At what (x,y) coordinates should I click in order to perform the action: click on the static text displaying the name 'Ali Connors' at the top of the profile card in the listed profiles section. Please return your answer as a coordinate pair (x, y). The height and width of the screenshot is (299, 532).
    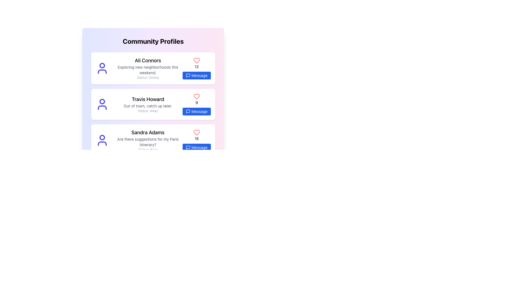
    Looking at the image, I should click on (148, 61).